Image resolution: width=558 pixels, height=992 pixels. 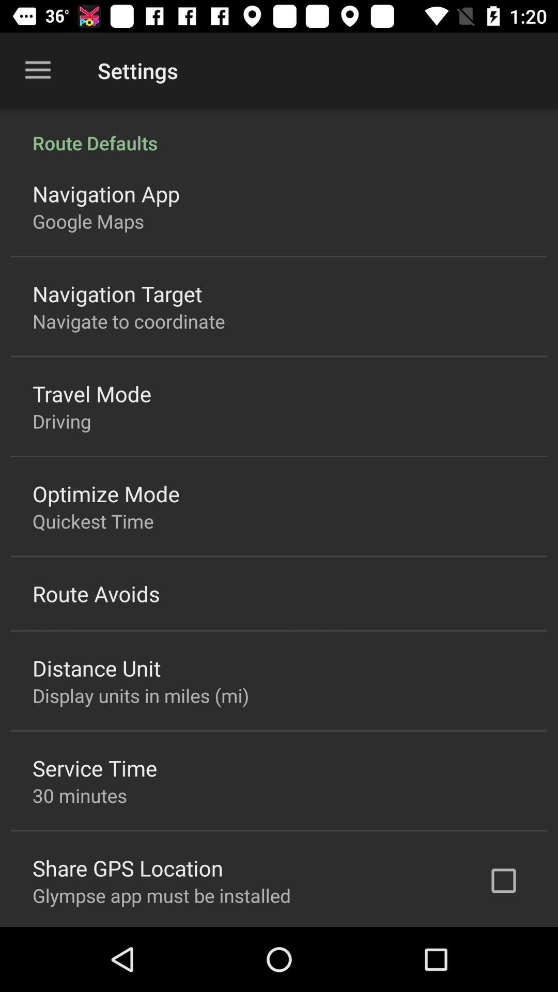 What do you see at coordinates (96, 593) in the screenshot?
I see `icon below the quickest time item` at bounding box center [96, 593].